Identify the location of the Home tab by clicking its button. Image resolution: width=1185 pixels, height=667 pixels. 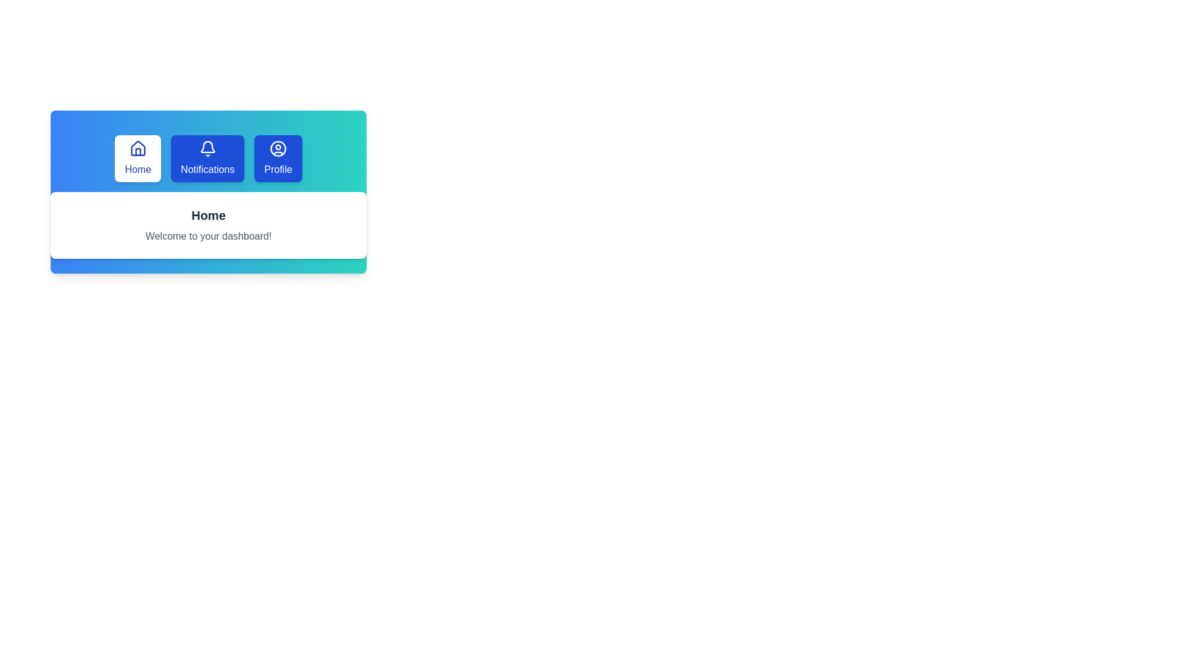
(138, 158).